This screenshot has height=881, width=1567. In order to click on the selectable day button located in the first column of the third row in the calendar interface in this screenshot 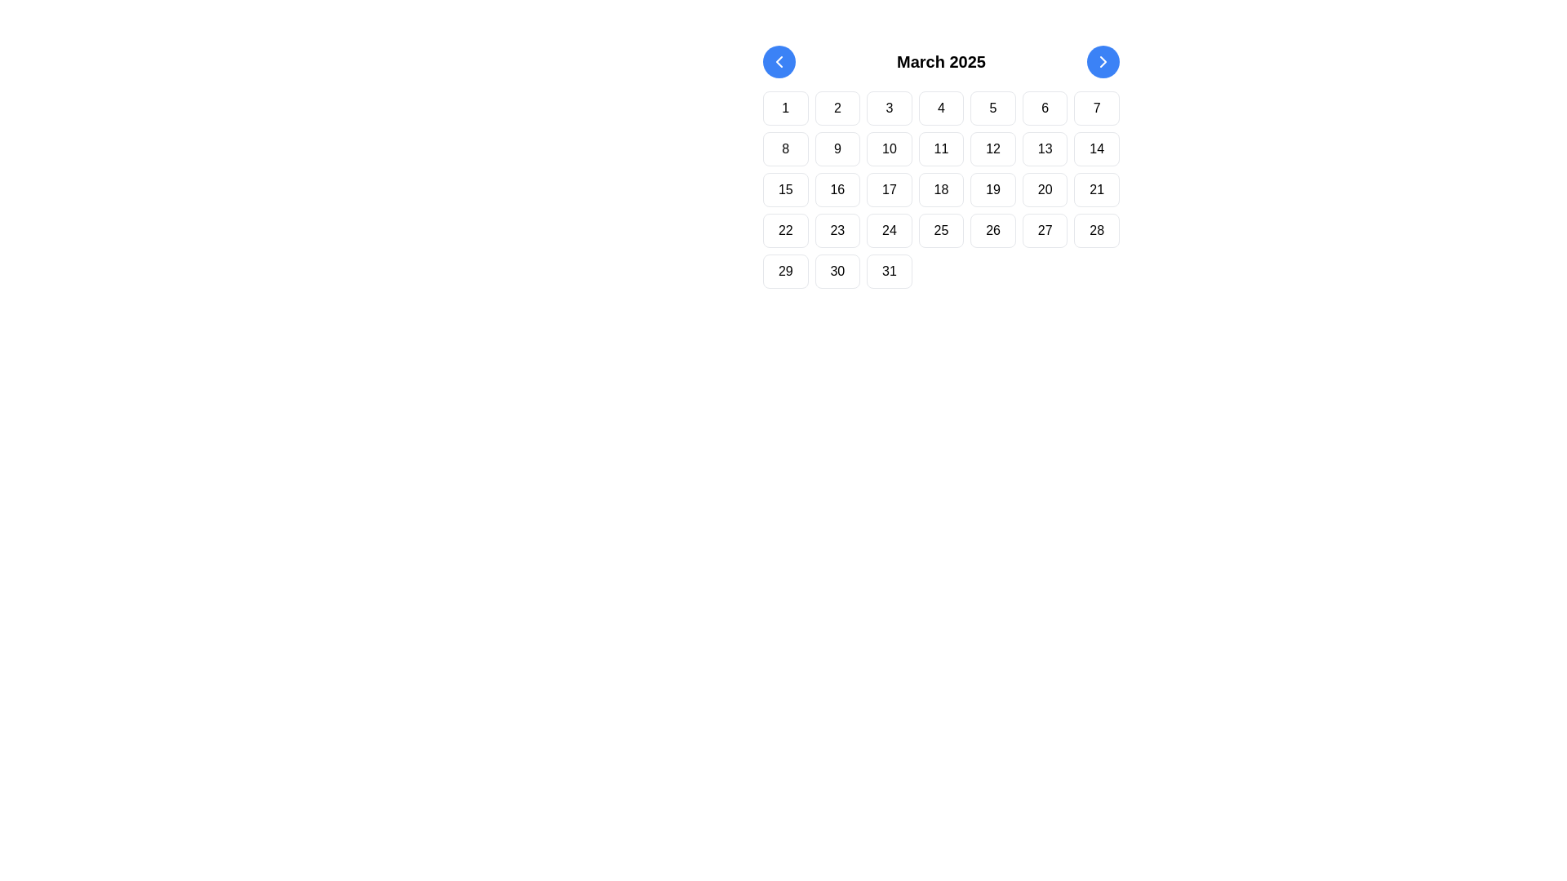, I will do `click(785, 188)`.